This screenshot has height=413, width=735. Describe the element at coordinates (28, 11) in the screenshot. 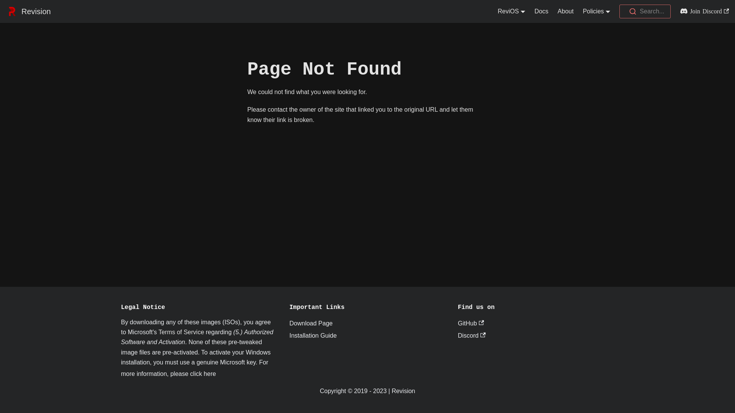

I see `'Revision'` at that location.